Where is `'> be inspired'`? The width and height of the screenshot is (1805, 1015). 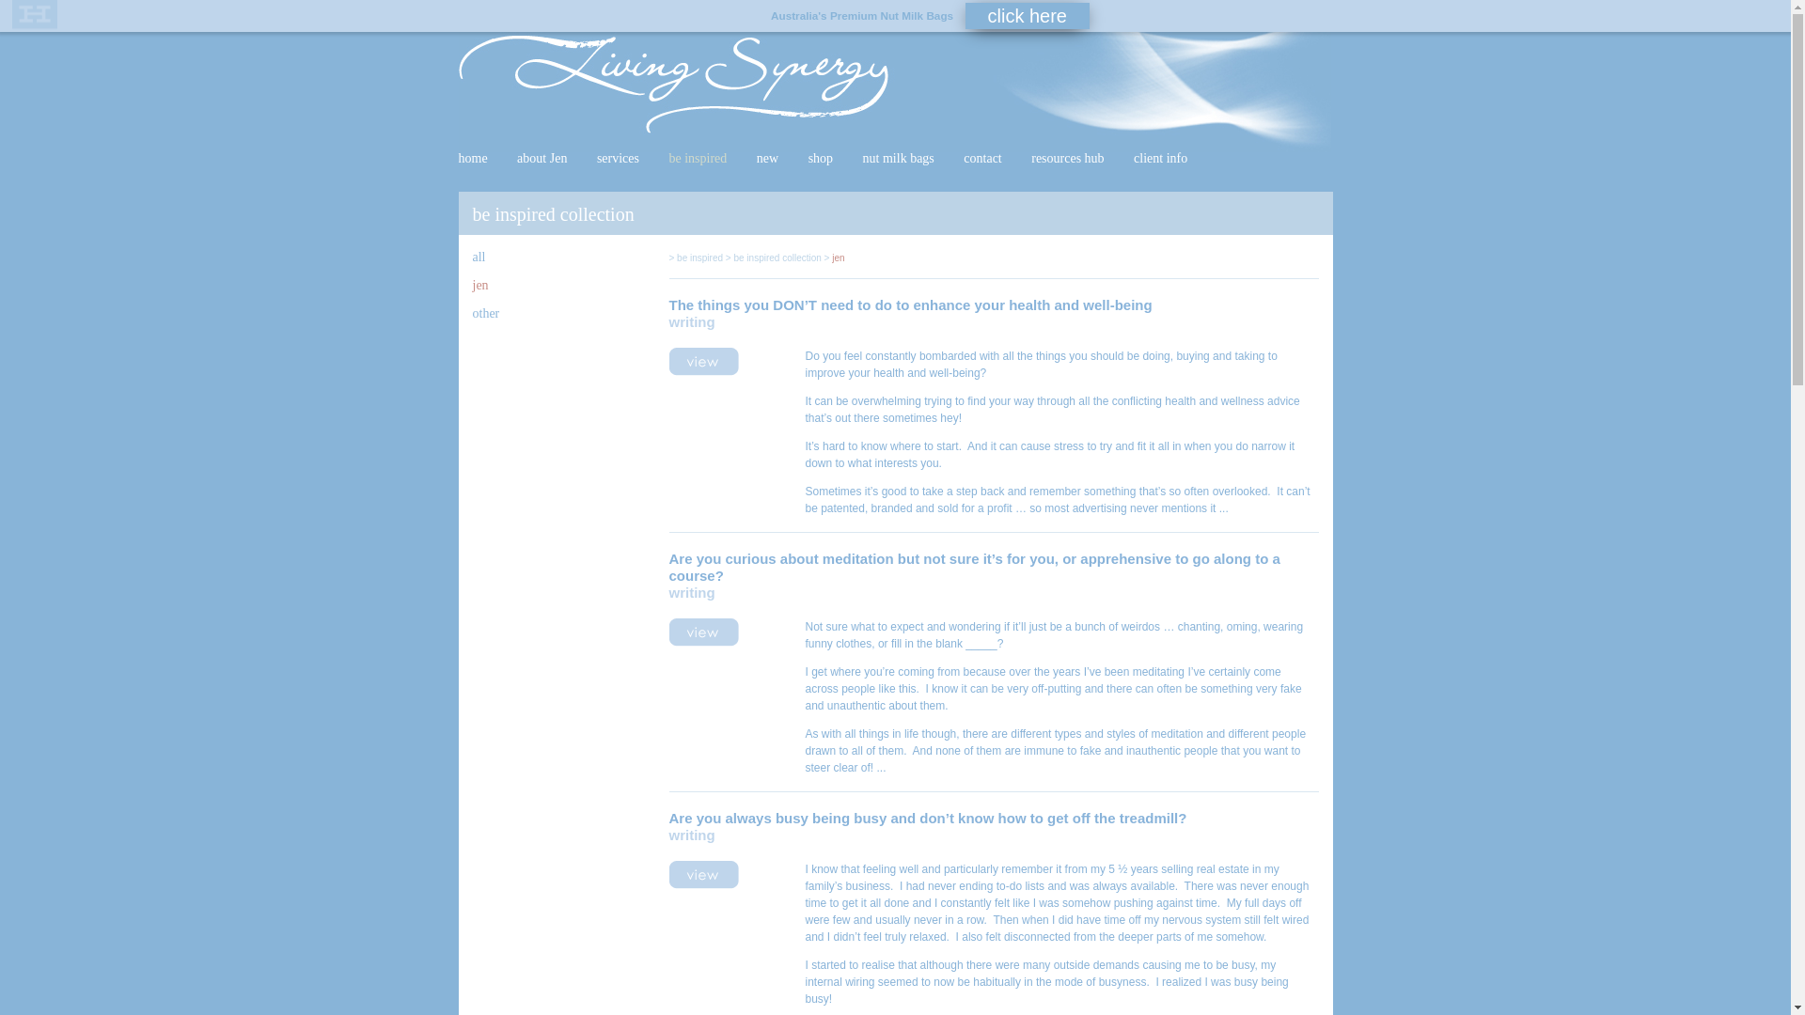
'> be inspired' is located at coordinates (695, 258).